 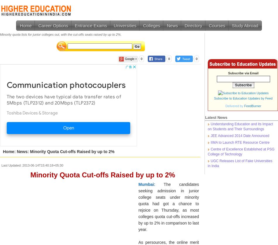 I want to click on 'News', so click(x=172, y=25).